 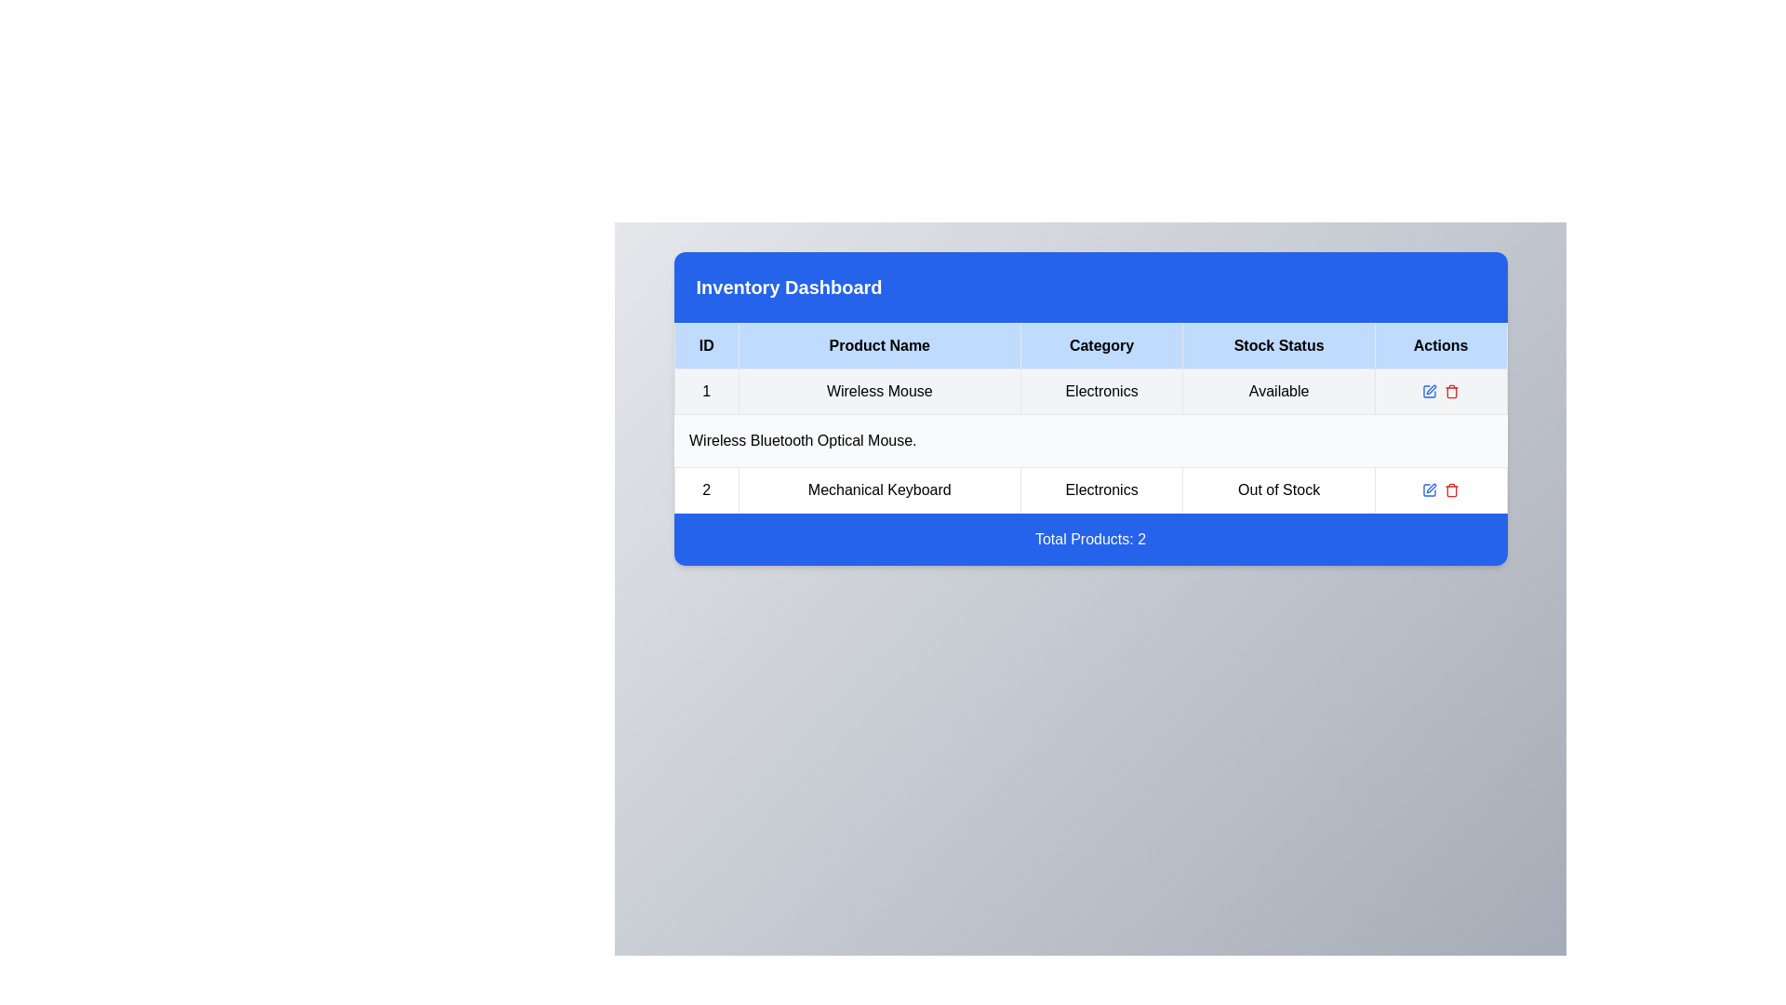 What do you see at coordinates (1429, 489) in the screenshot?
I see `the action icon in the 'Actions' column of the table row for the 'Mechanical Keyboard' product` at bounding box center [1429, 489].